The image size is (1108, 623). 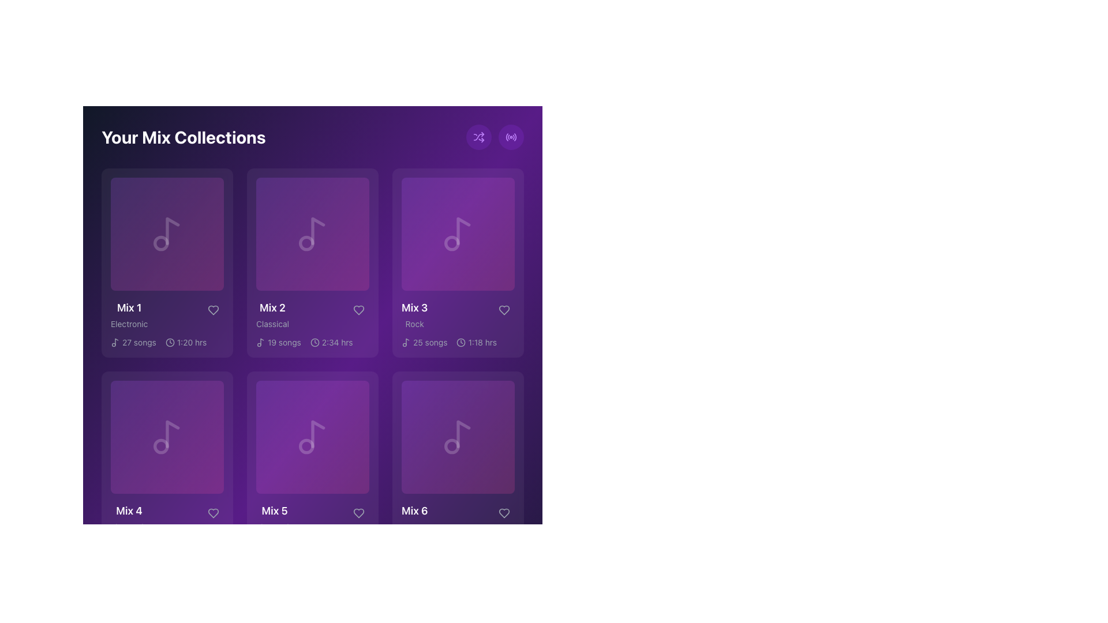 I want to click on the SVG Polygon that serves as a visual part of the skip-forward or navigation button located at the bottom right of the interface, so click(x=382, y=590).